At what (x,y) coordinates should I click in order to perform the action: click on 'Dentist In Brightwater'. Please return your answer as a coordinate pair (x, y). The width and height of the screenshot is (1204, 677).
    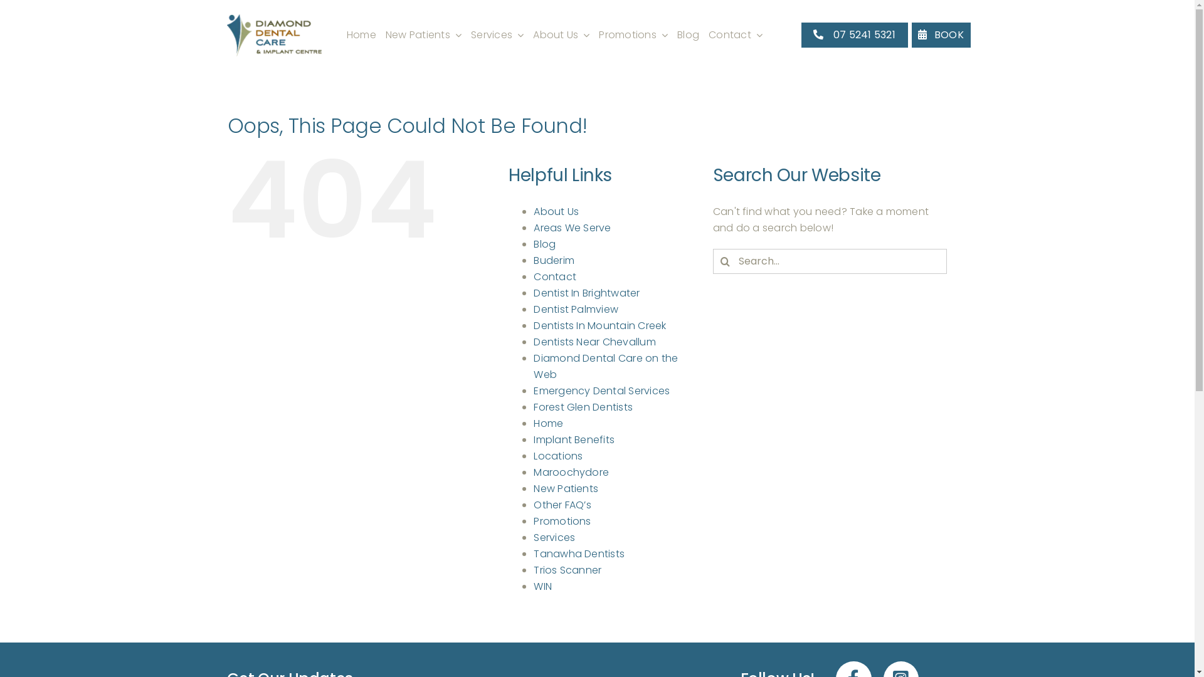
    Looking at the image, I should click on (586, 293).